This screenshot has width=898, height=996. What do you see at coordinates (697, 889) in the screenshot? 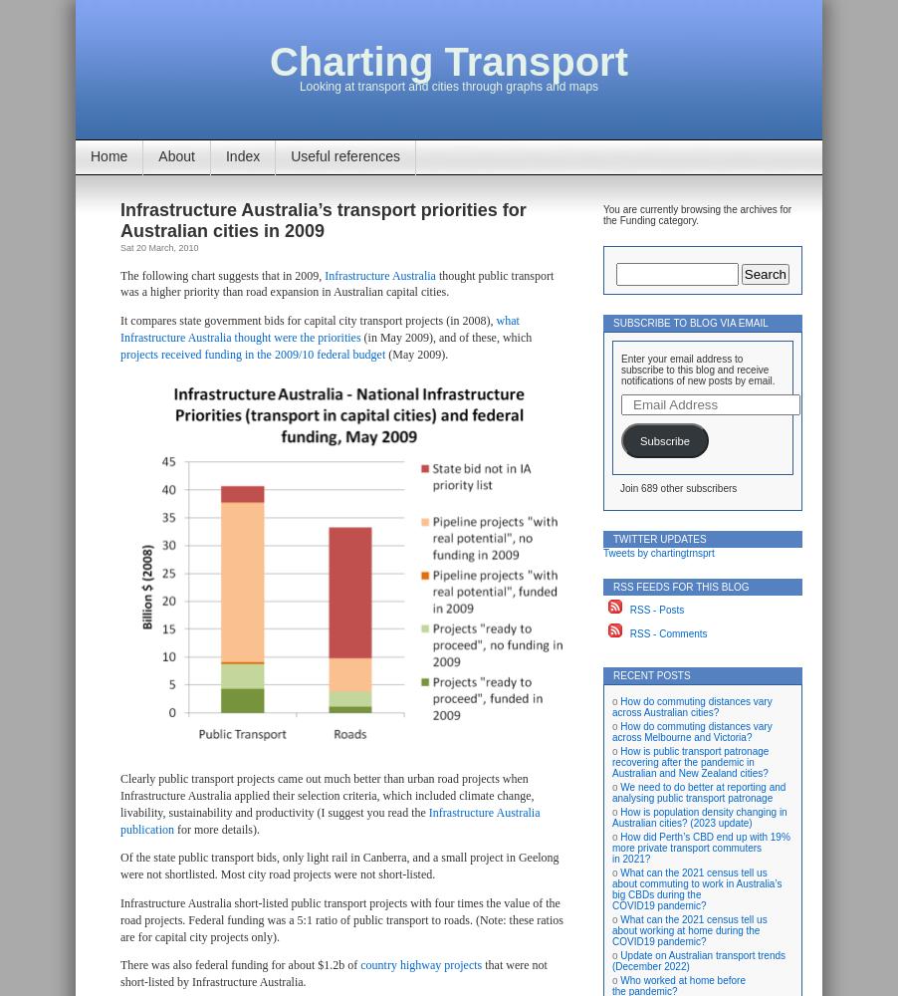
I see `'What can the 2021 census tell us about commuting to work in Australia’s big CBDs during the COVID19 pandemic?'` at bounding box center [697, 889].